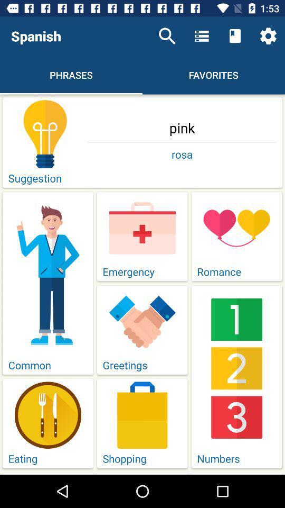 This screenshot has height=508, width=285. What do you see at coordinates (142, 237) in the screenshot?
I see `the emergency button on the web page` at bounding box center [142, 237].